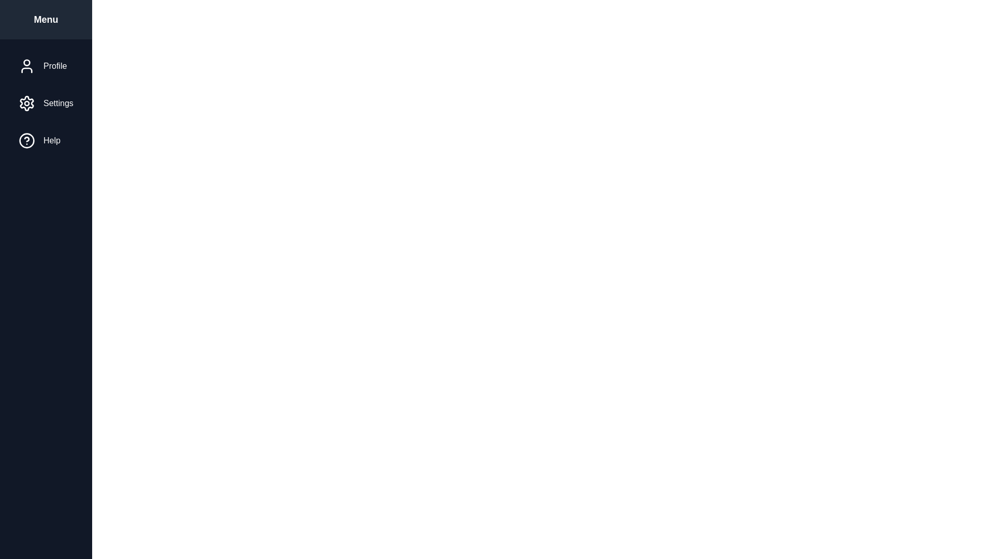 The image size is (994, 559). I want to click on the menu item icon for Settings, so click(27, 104).